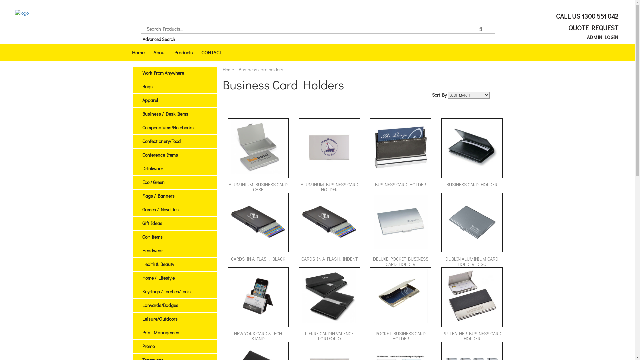 This screenshot has height=360, width=640. Describe the element at coordinates (400, 230) in the screenshot. I see `'DELUXE POCKET BUSINESS CARD HOLDER'` at that location.